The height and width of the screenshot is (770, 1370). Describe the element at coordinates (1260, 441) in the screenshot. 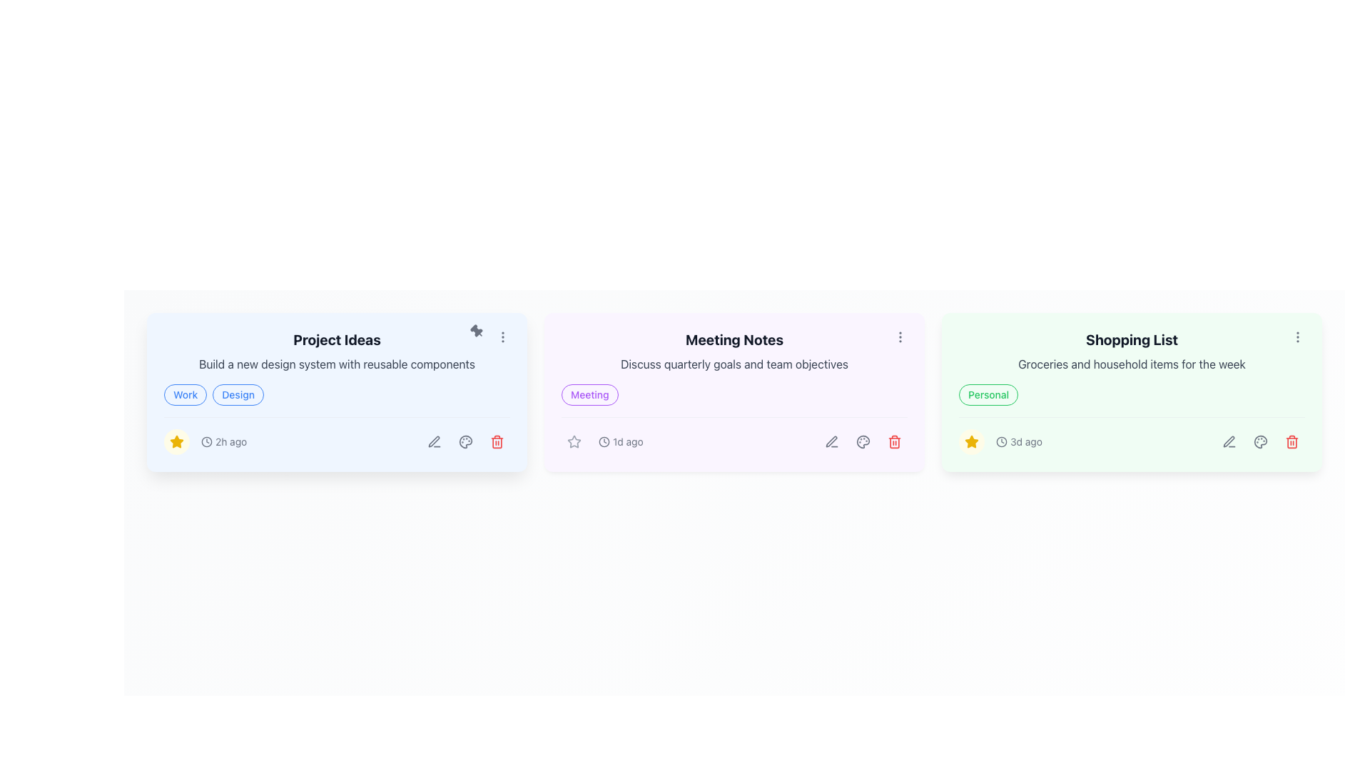

I see `the painter's palette icon located at the bottom right corner of the 'Shopping List' card` at that location.